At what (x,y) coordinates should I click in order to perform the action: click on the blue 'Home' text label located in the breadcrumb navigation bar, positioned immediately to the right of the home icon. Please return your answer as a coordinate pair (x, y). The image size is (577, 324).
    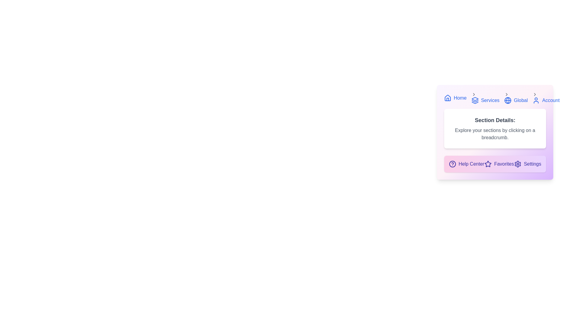
    Looking at the image, I should click on (460, 98).